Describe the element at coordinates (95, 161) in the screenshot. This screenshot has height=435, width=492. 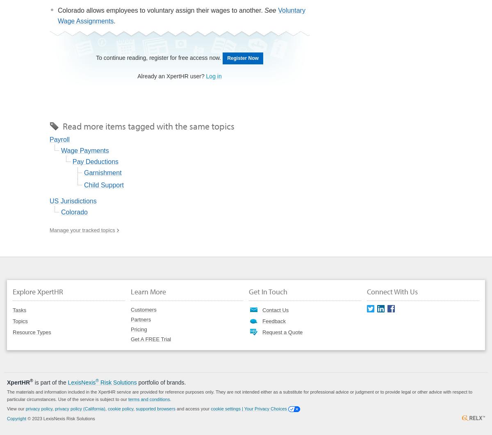
I see `'Pay Deductions'` at that location.